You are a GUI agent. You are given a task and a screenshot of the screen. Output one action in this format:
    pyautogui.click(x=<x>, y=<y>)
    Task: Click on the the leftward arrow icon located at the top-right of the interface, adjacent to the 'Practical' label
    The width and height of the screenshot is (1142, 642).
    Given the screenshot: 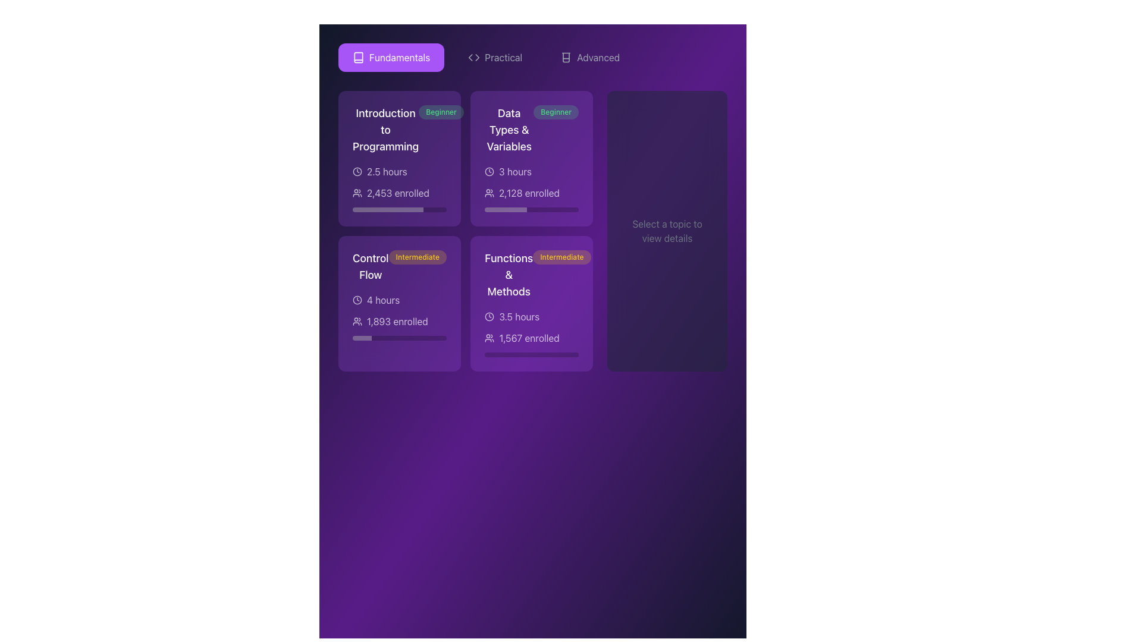 What is the action you would take?
    pyautogui.click(x=470, y=57)
    